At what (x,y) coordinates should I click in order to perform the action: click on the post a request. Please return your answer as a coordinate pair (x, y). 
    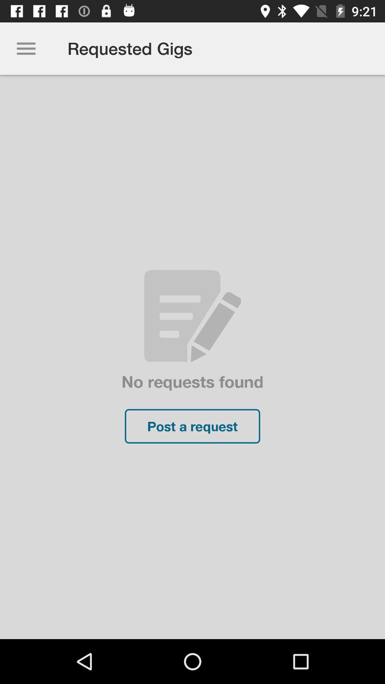
    Looking at the image, I should click on (192, 426).